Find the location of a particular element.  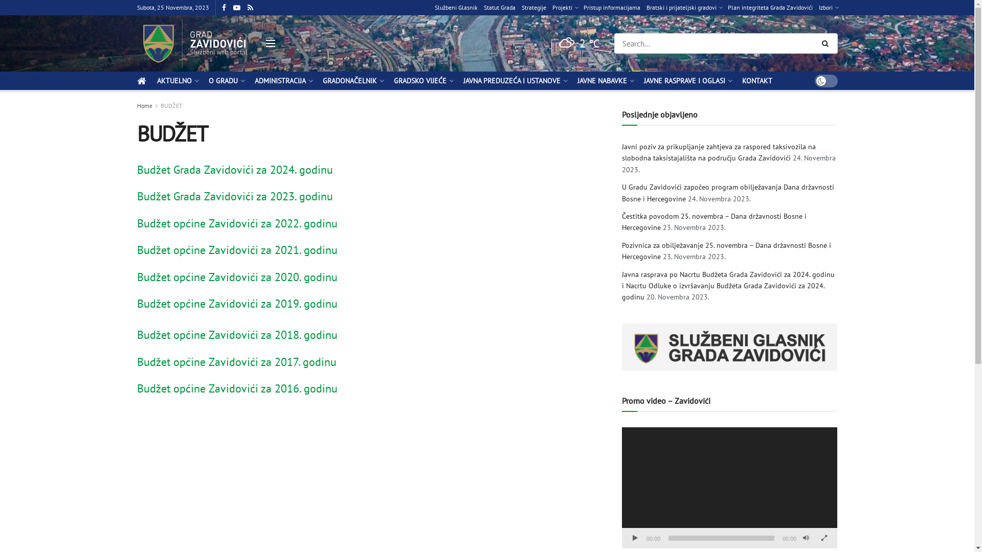

'Pristup informacijama' is located at coordinates (611, 8).